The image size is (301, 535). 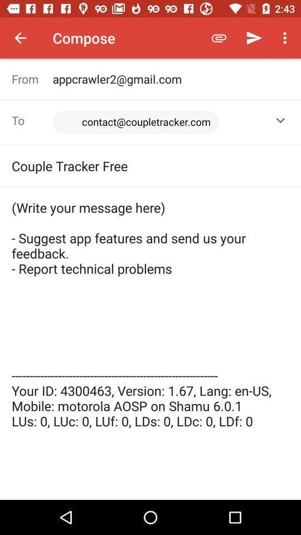 What do you see at coordinates (32, 120) in the screenshot?
I see `to icon` at bounding box center [32, 120].